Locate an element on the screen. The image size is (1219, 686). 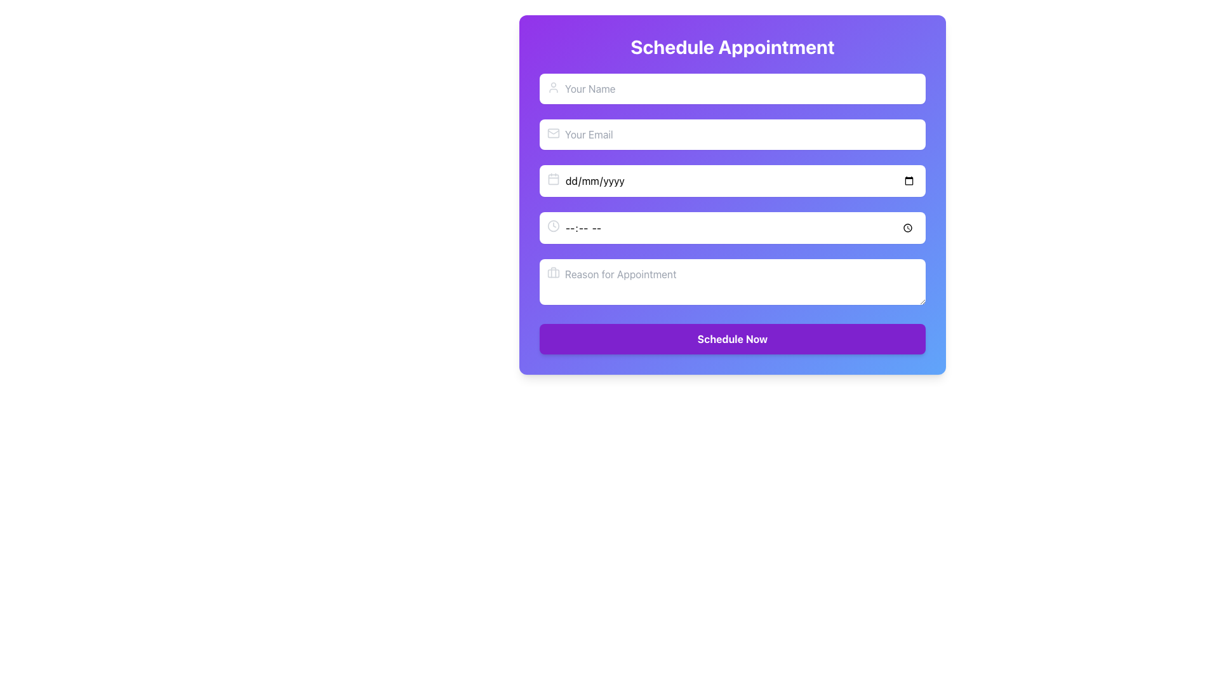
the small gray envelope icon, which is located on the left side of the 'Your Email' text input field as a visual cue is located at coordinates (554, 133).